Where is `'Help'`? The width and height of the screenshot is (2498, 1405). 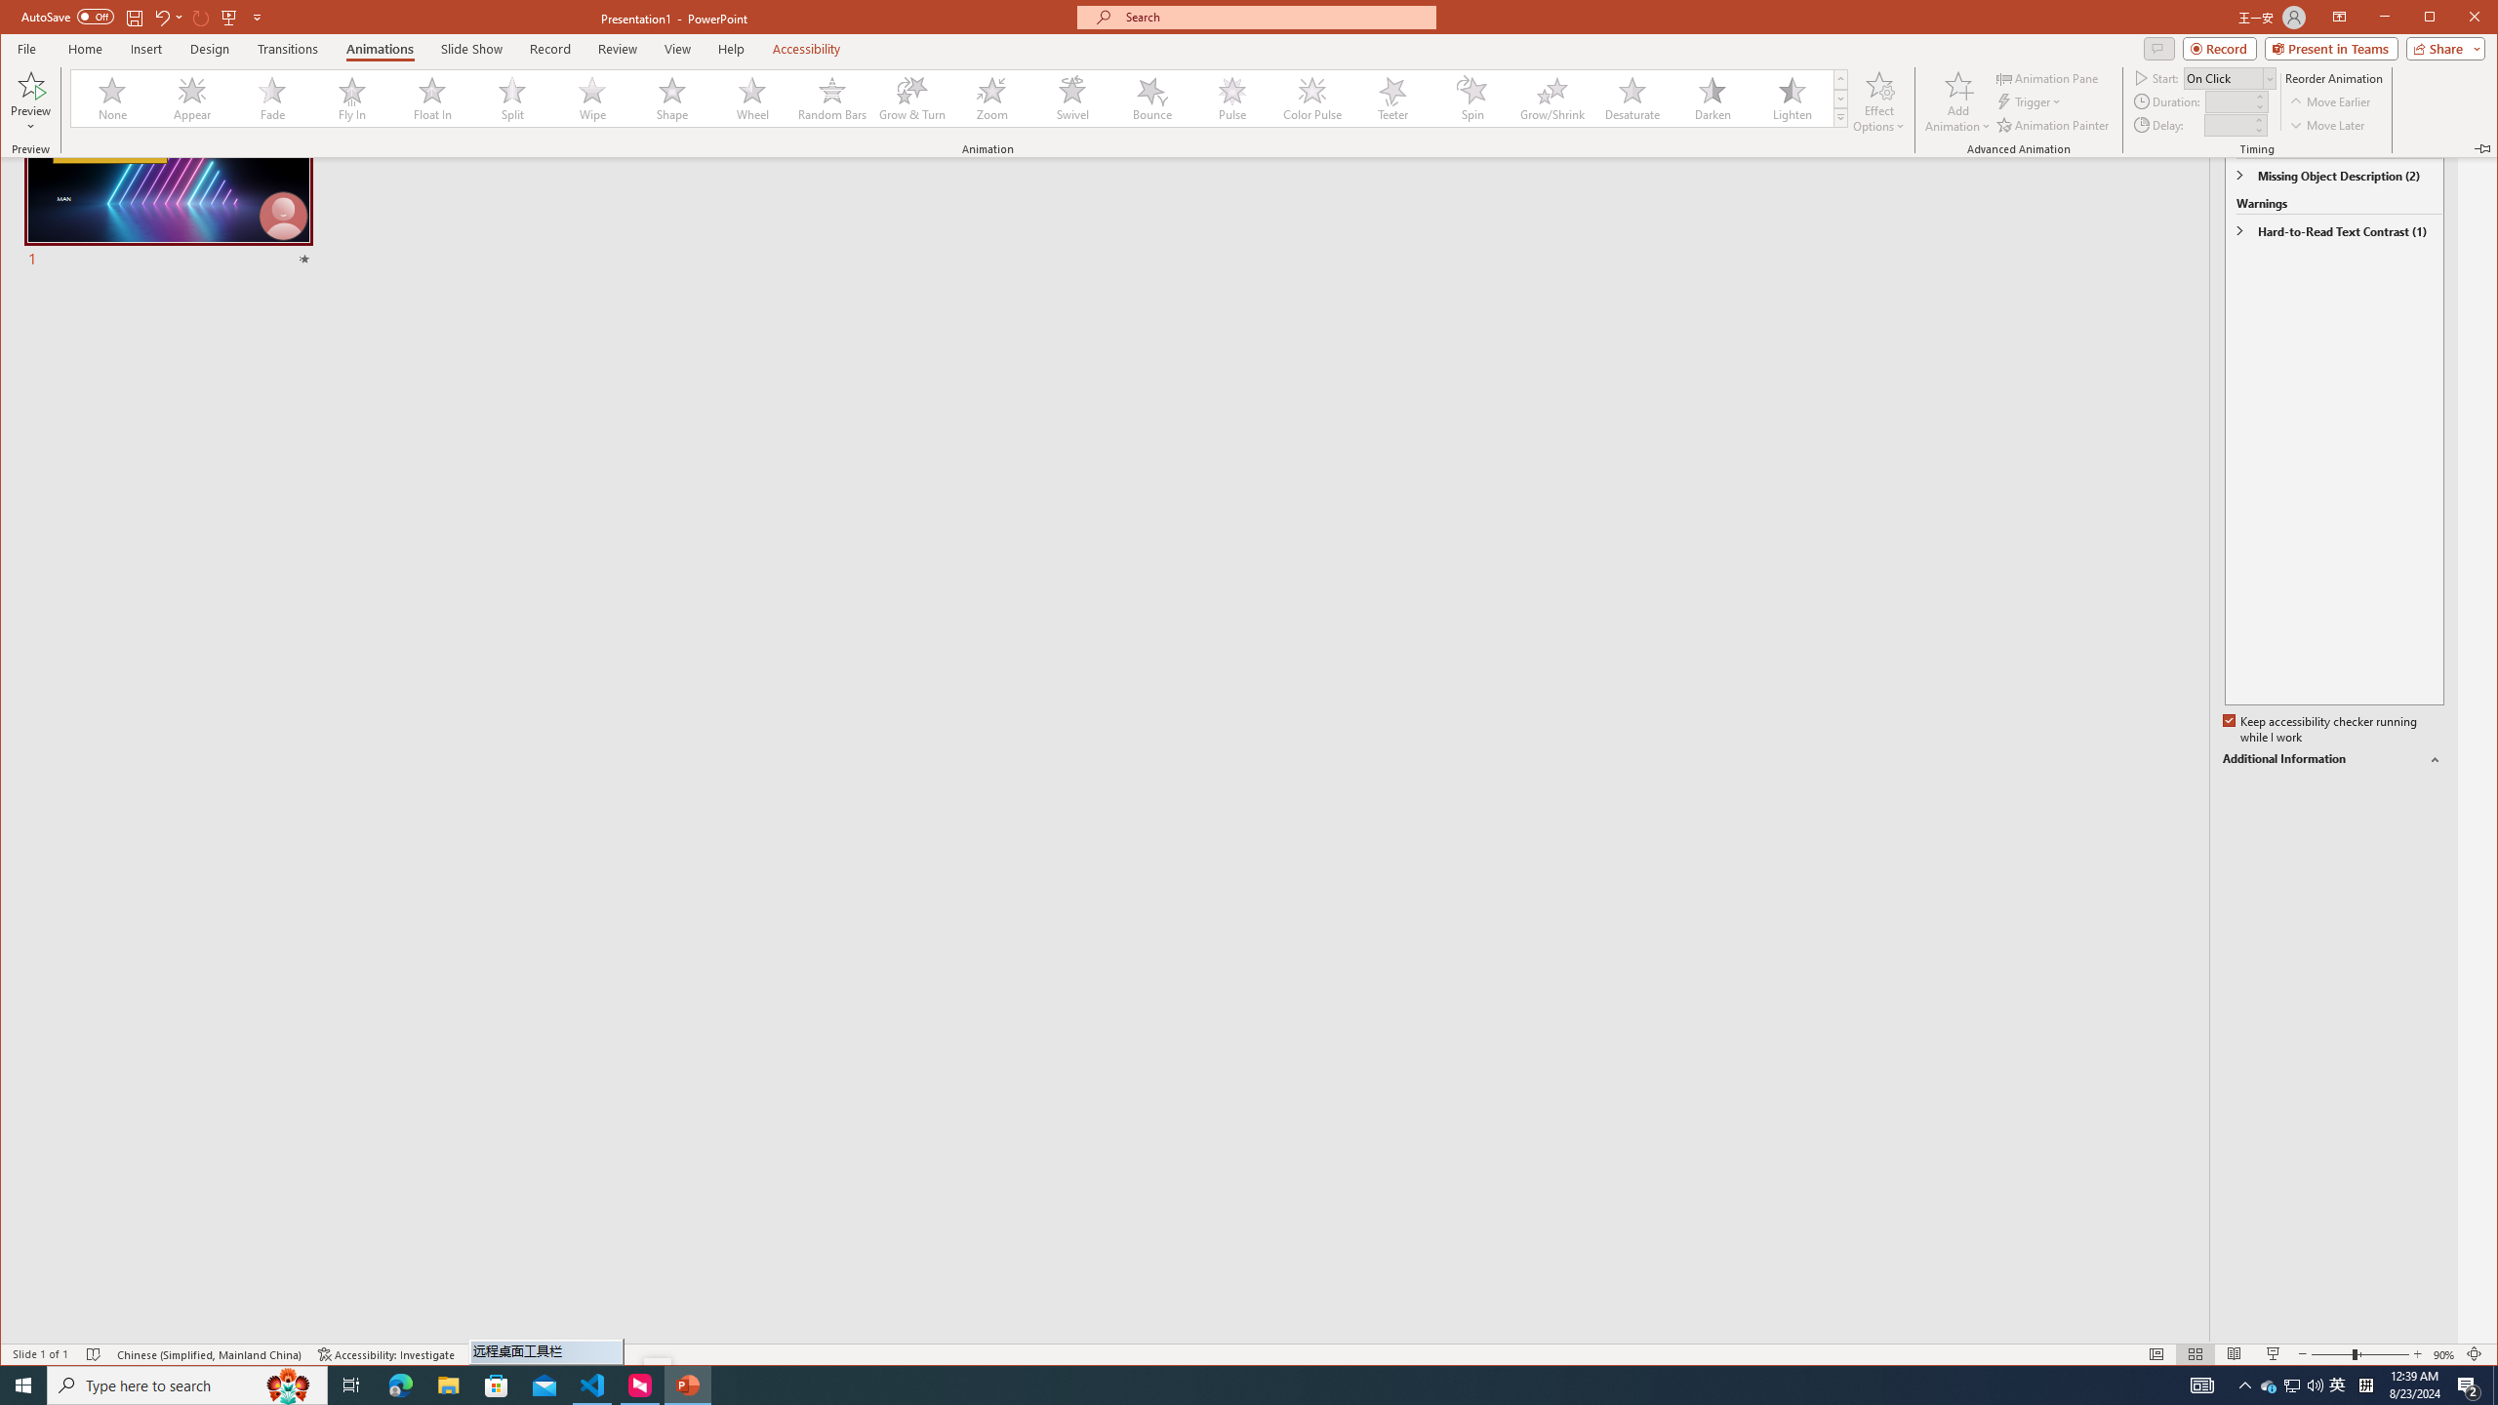
'Help' is located at coordinates (732, 48).